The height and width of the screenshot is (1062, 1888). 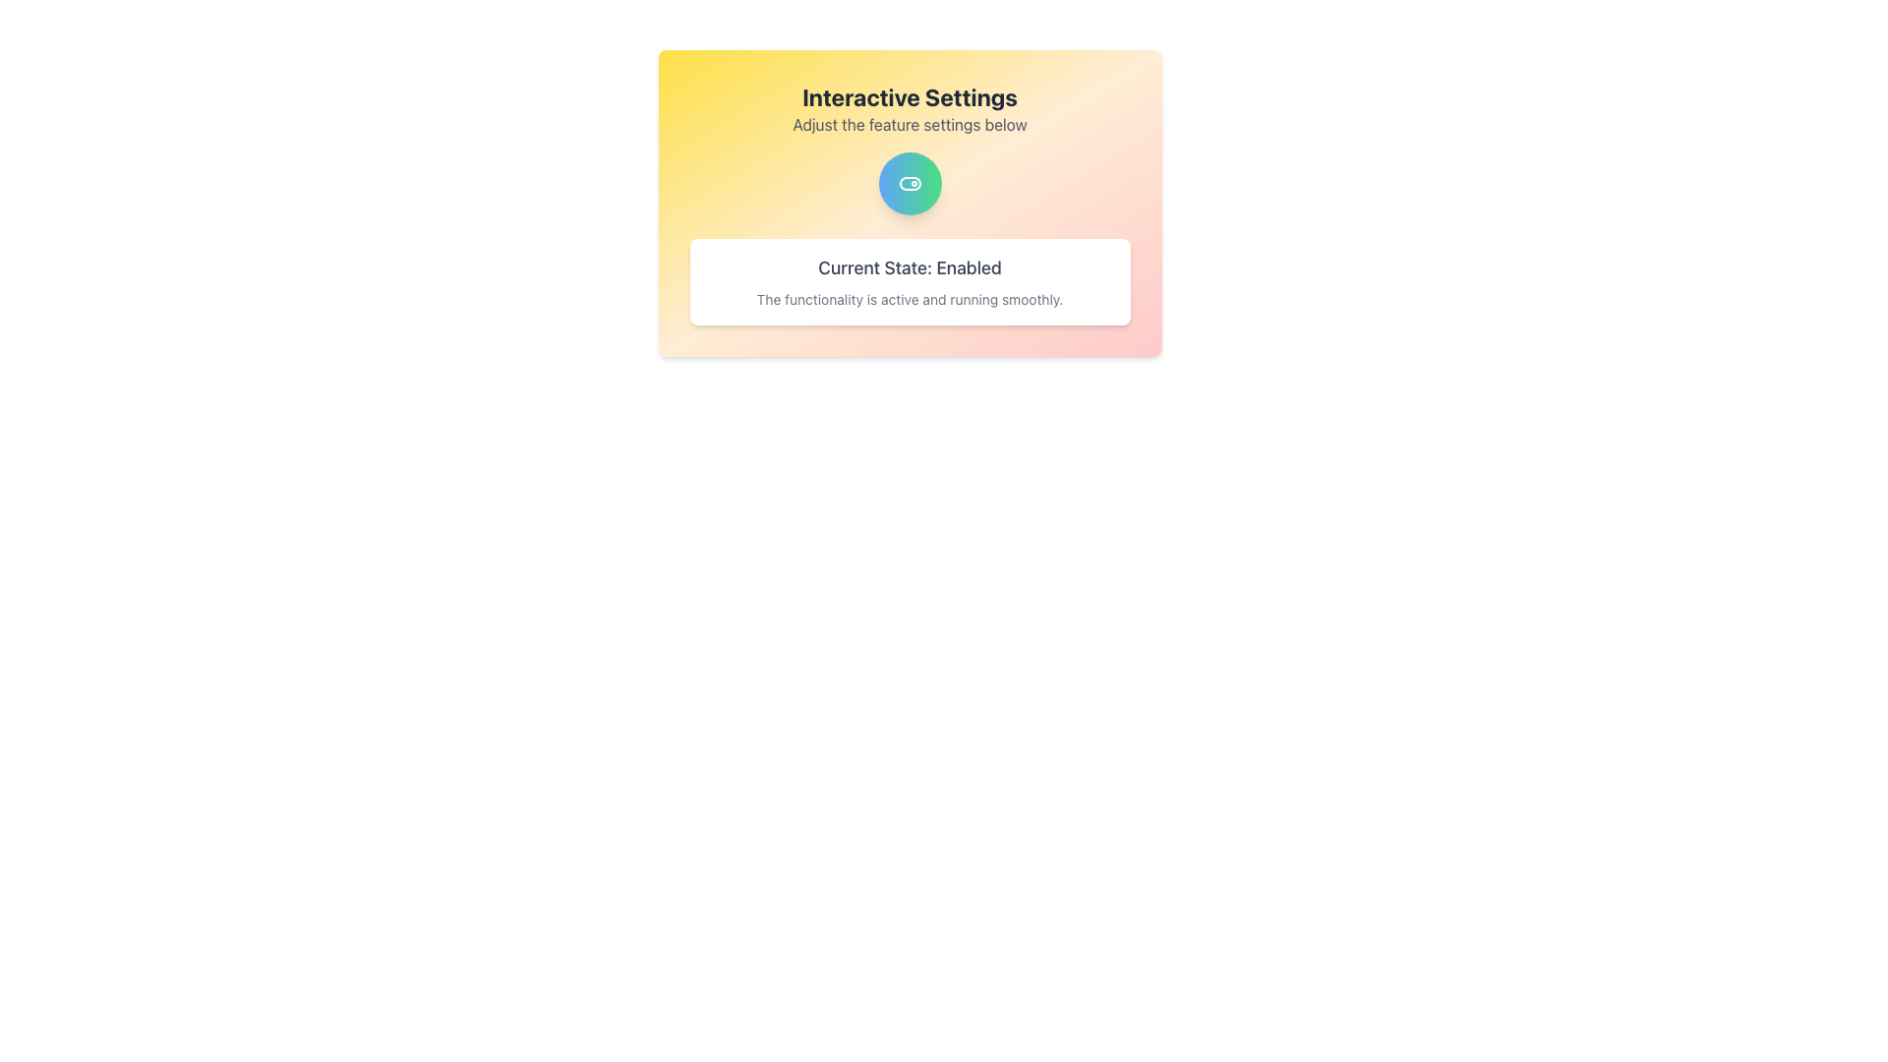 What do you see at coordinates (909, 299) in the screenshot?
I see `the text label that reads 'The functionality is active and running smoothly.', which is styled in light gray and positioned below the label 'Current State: Enabled'` at bounding box center [909, 299].